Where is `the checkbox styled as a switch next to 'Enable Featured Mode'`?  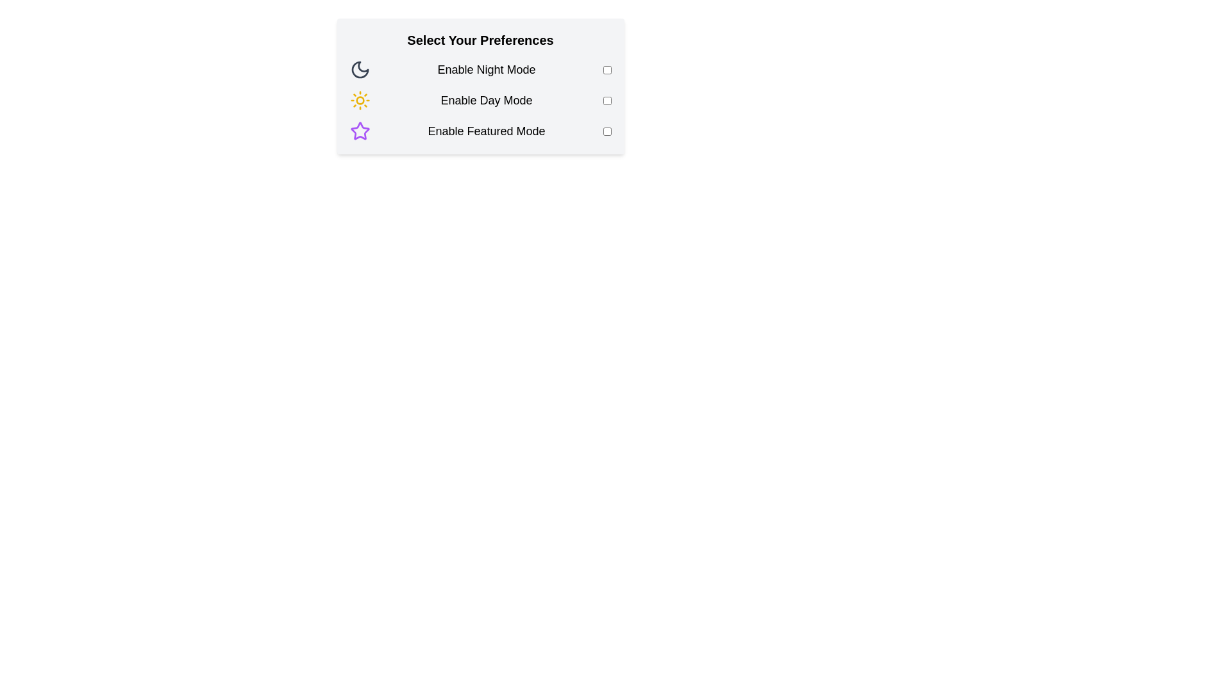 the checkbox styled as a switch next to 'Enable Featured Mode' is located at coordinates (606, 131).